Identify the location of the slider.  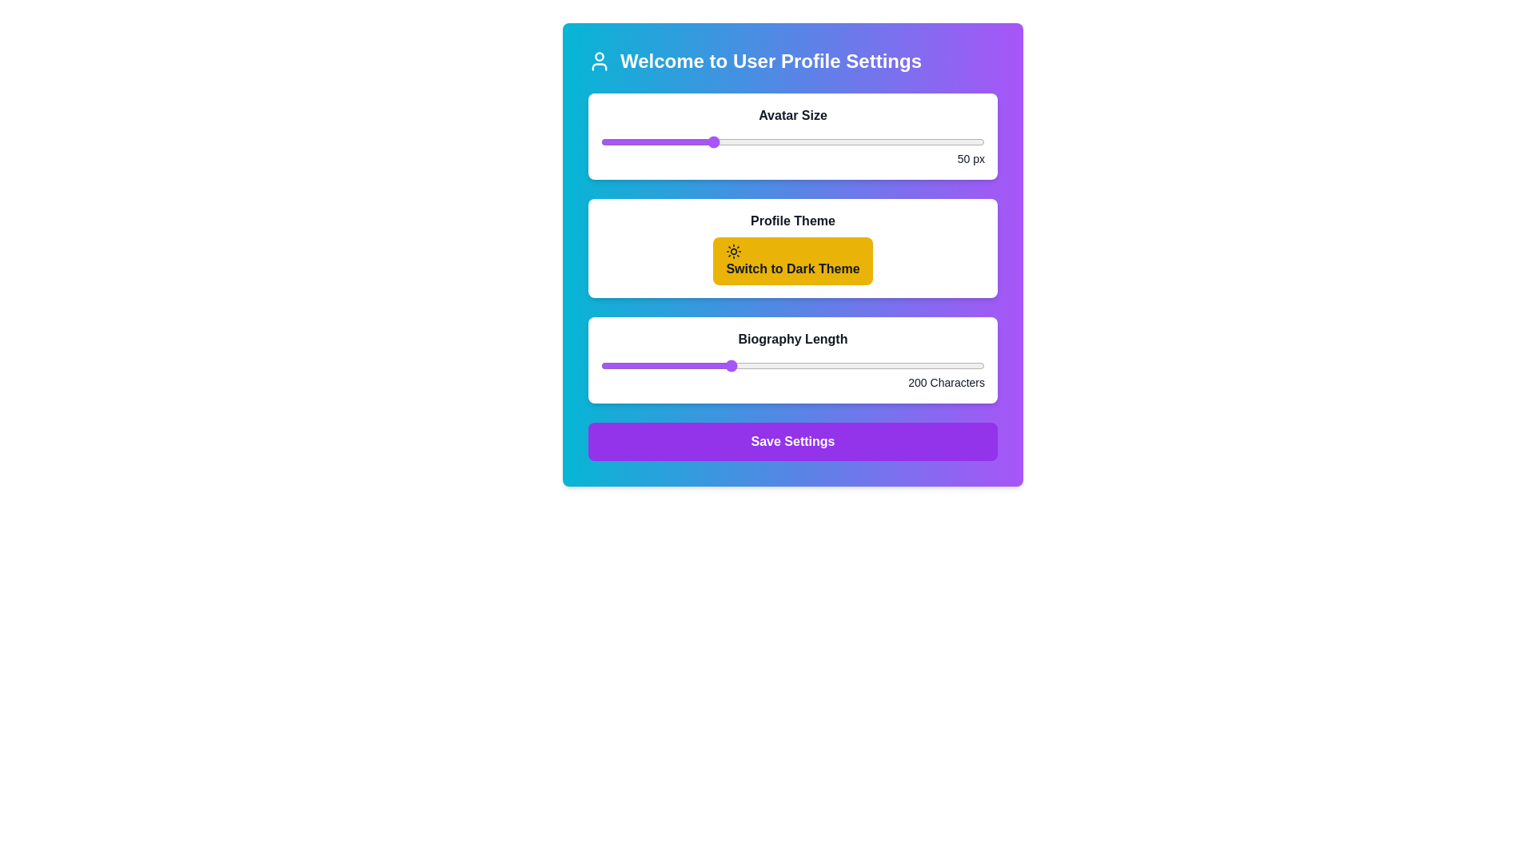
(656, 141).